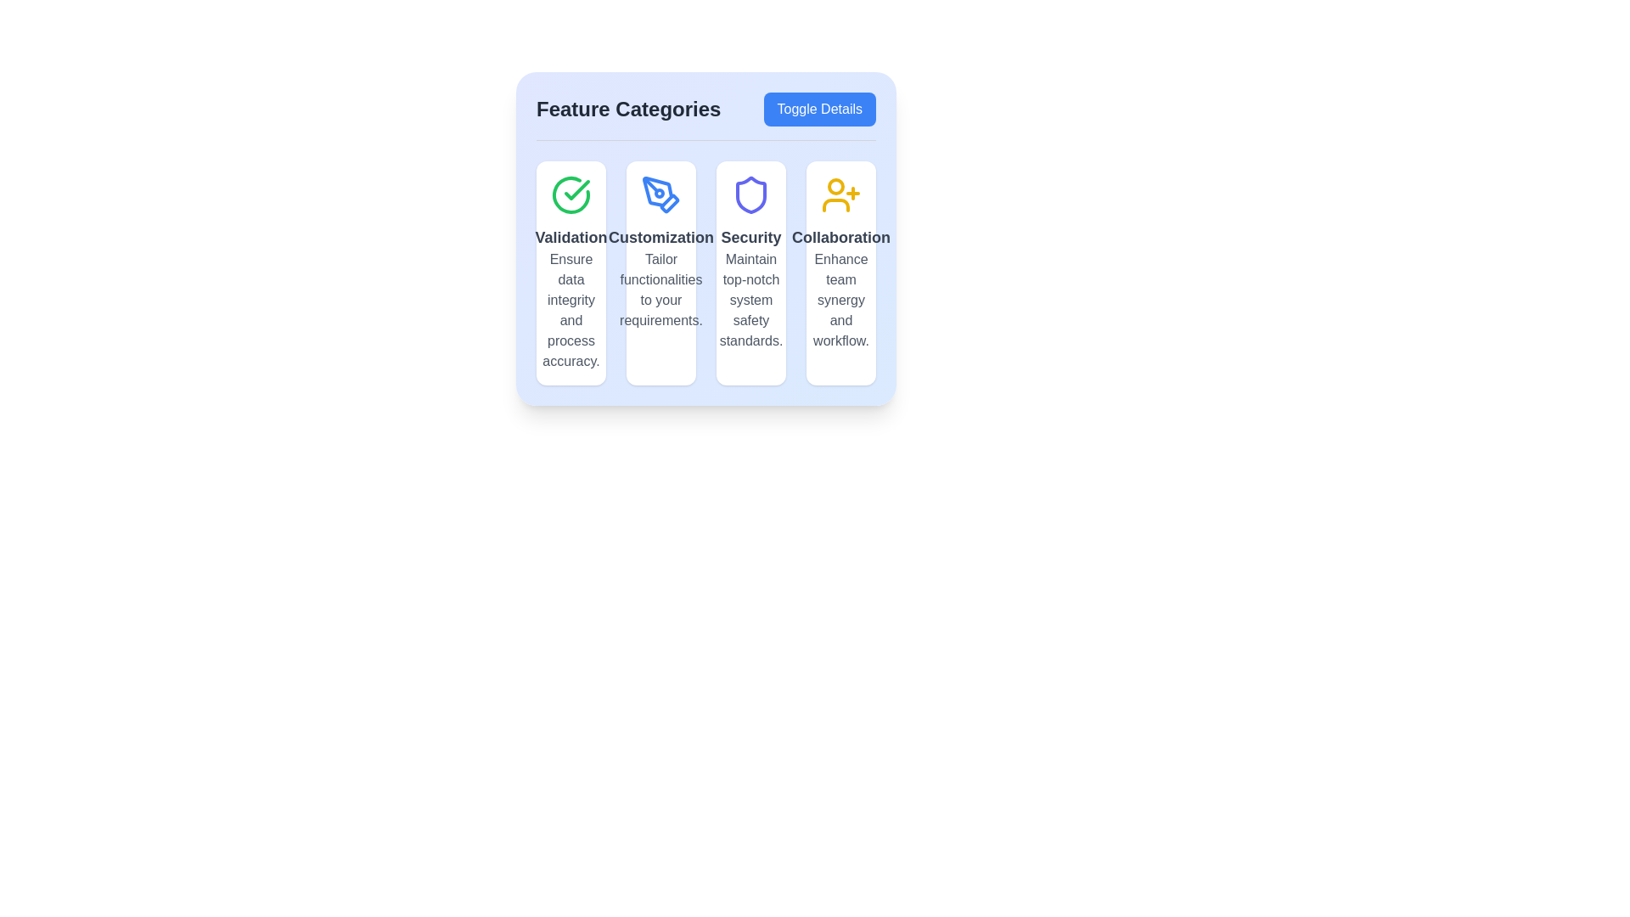 This screenshot has width=1630, height=917. Describe the element at coordinates (570, 194) in the screenshot. I see `the checkmark icon representing the 'Validation' feature within the first card in the card group` at that location.